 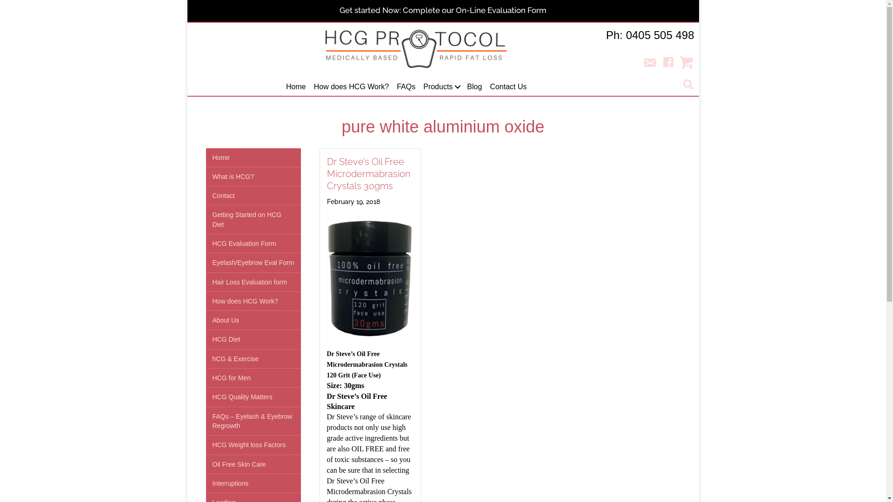 What do you see at coordinates (253, 281) in the screenshot?
I see `'Hair Loss Evaluation form'` at bounding box center [253, 281].